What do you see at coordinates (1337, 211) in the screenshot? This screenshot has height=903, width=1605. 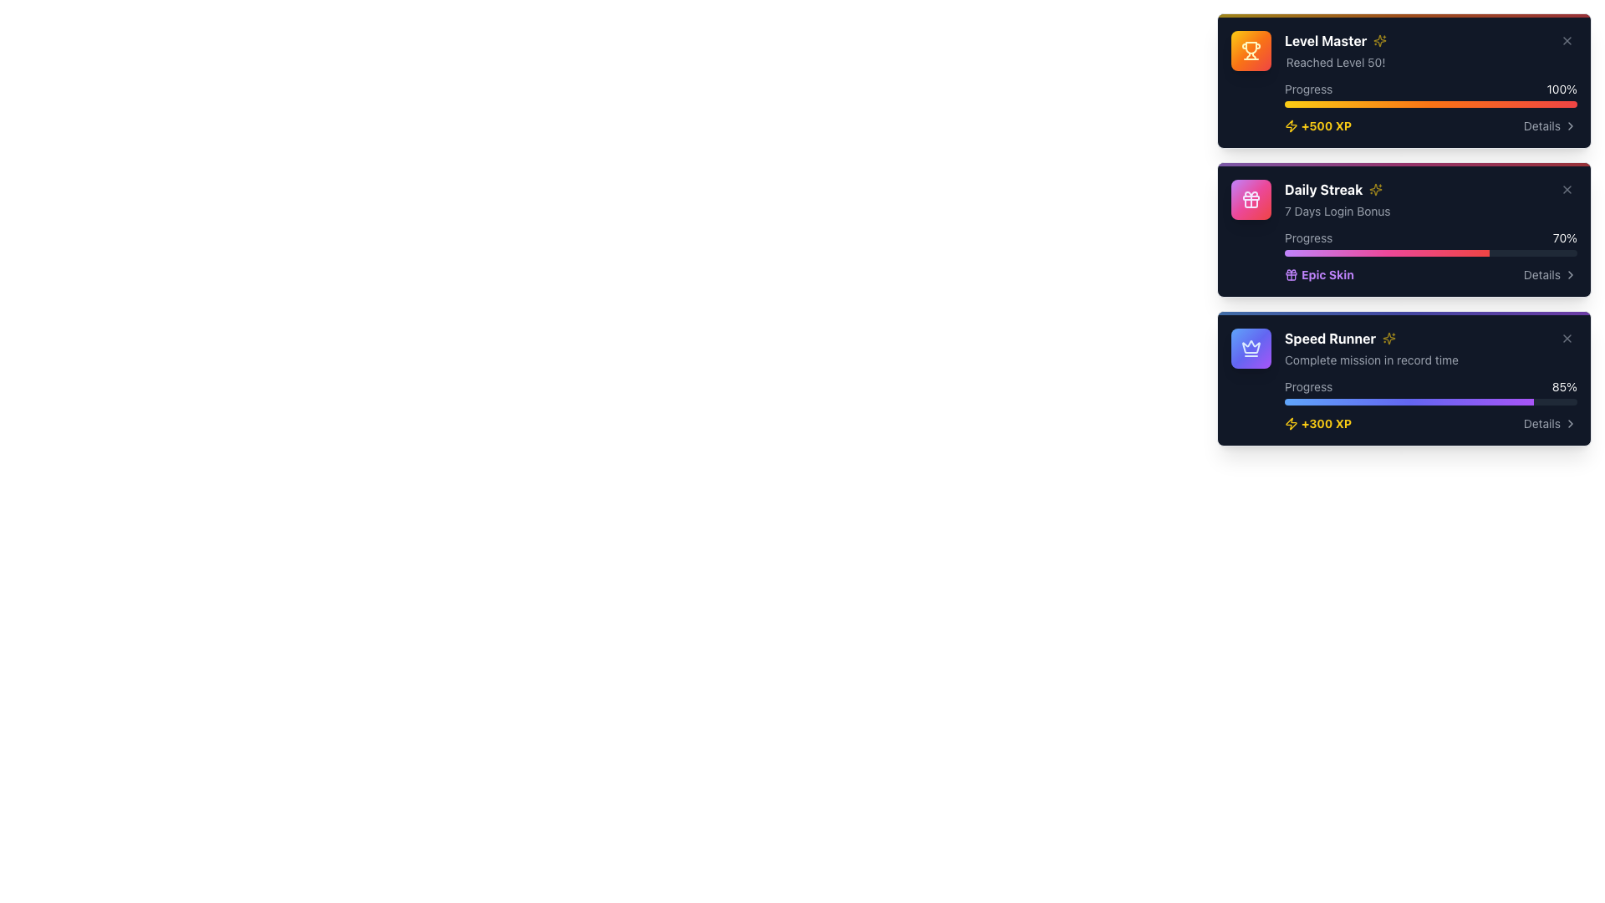 I see `the descriptive text label for the 'Daily Streak' feature, which indicates '7 Days Login Bonus' and is located in the second card of three, just below the title` at bounding box center [1337, 211].